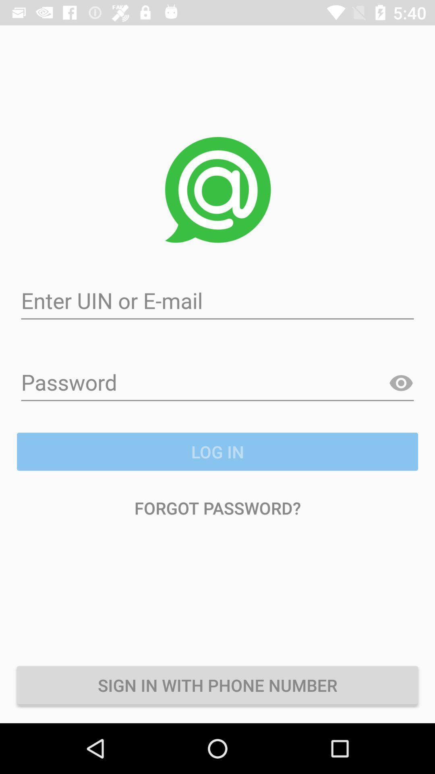 Image resolution: width=435 pixels, height=774 pixels. Describe the element at coordinates (217, 451) in the screenshot. I see `icon above the forgot password? item` at that location.